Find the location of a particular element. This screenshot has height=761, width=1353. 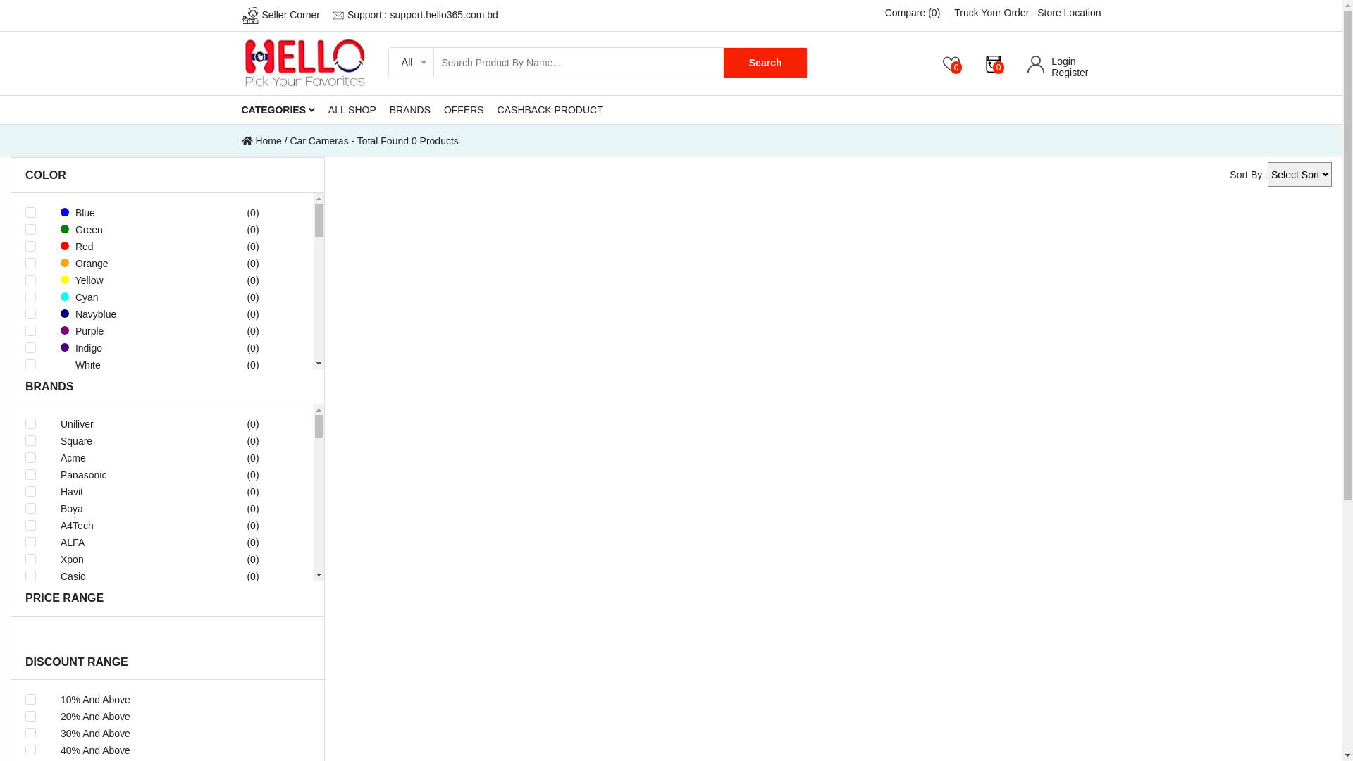

'Acme' is located at coordinates (132, 458).